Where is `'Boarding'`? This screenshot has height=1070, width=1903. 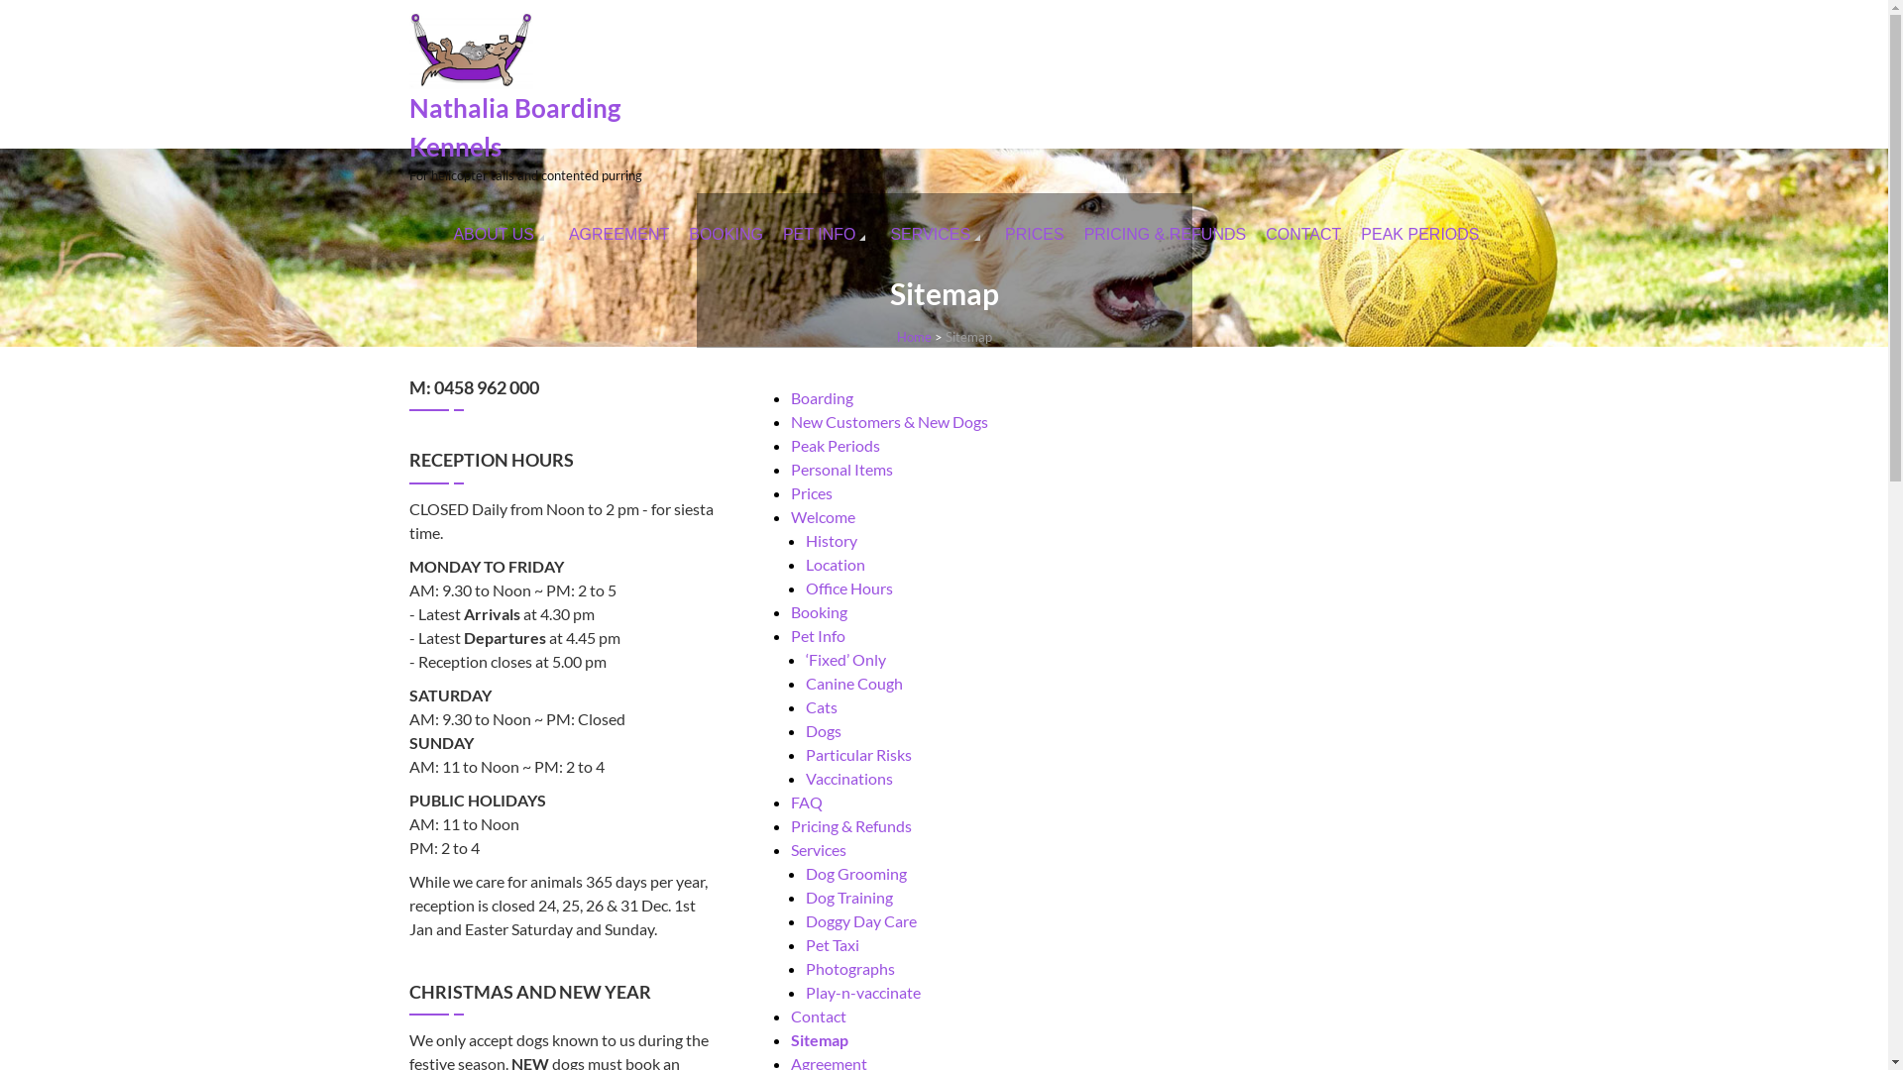 'Boarding' is located at coordinates (822, 397).